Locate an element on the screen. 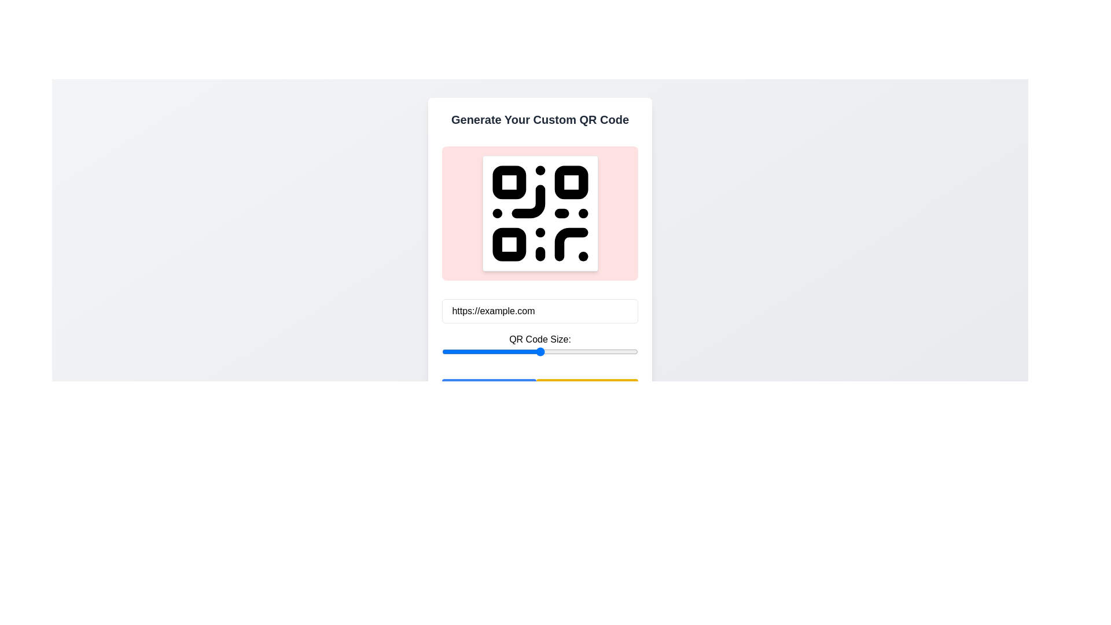 The height and width of the screenshot is (625, 1111). QR code size is located at coordinates (468, 351).